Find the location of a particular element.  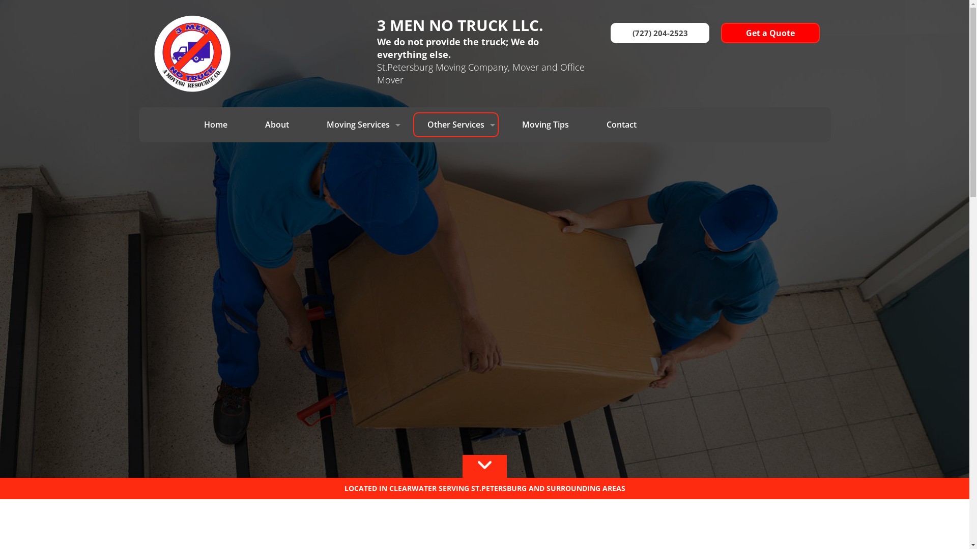

'Other Services' is located at coordinates (455, 124).